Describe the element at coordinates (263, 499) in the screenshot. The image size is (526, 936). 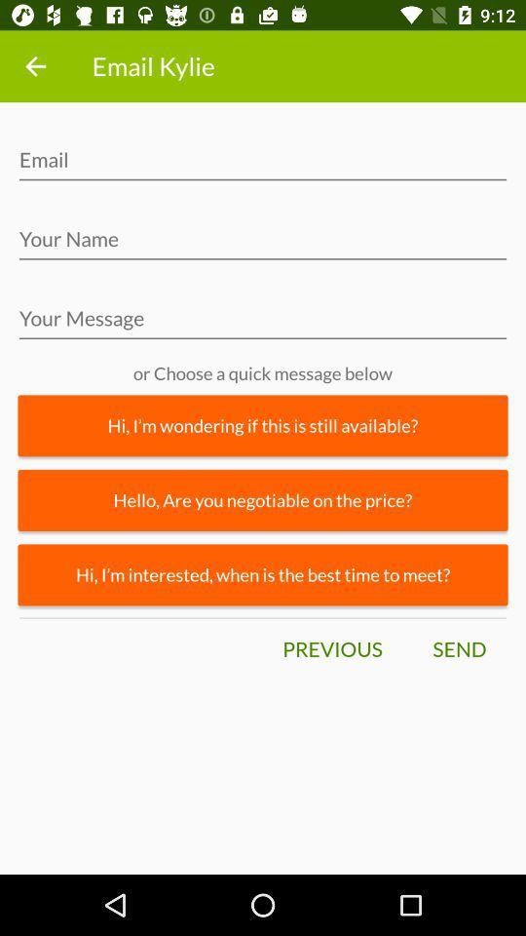
I see `hello are you icon` at that location.